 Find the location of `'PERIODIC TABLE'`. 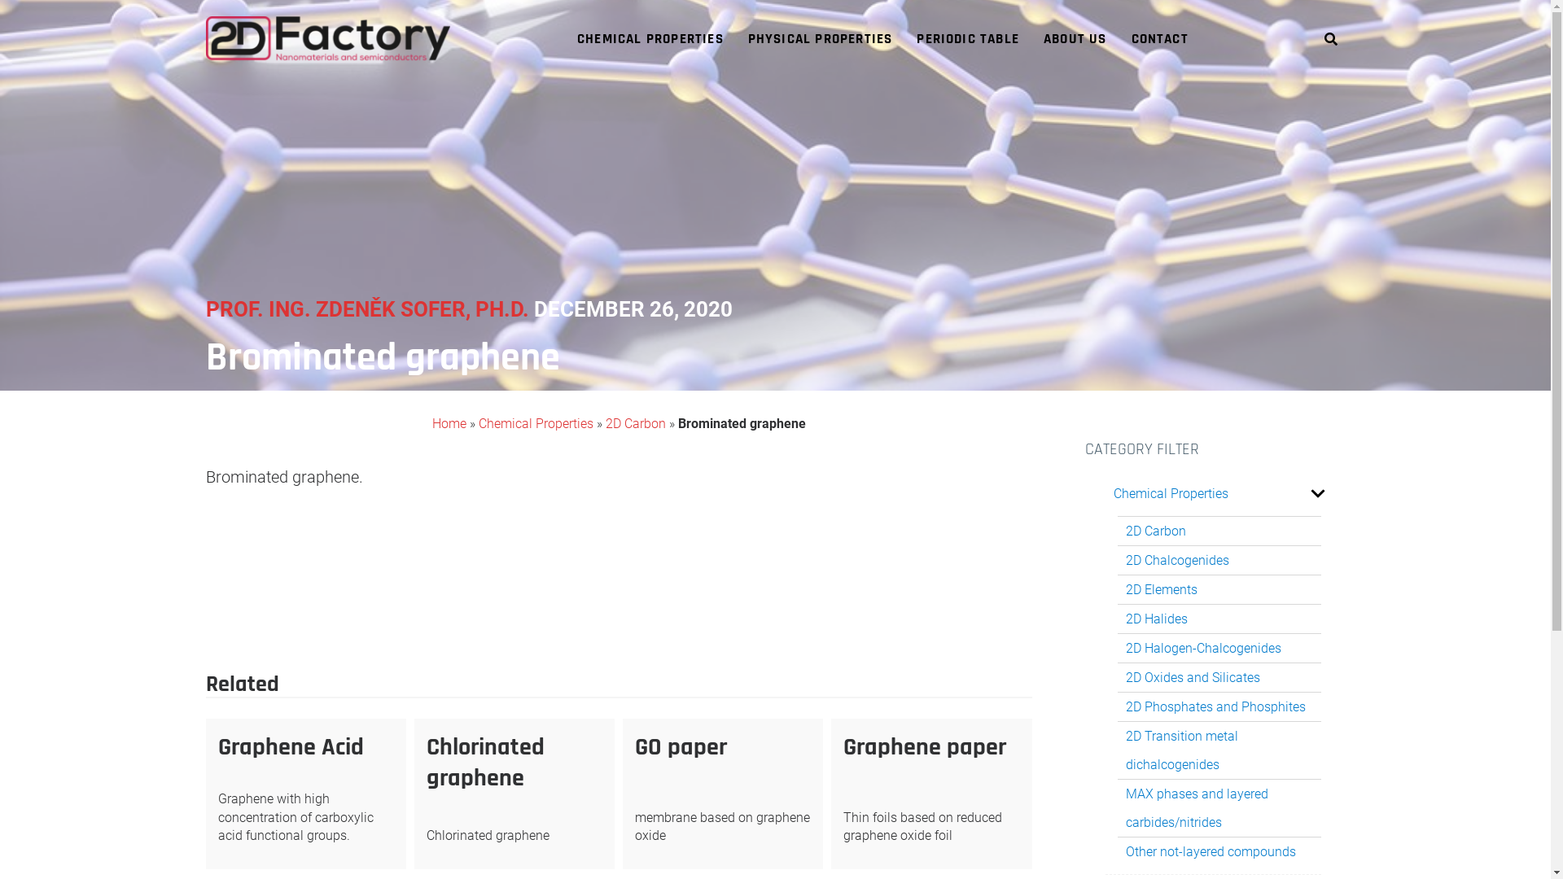

'PERIODIC TABLE' is located at coordinates (903, 39).